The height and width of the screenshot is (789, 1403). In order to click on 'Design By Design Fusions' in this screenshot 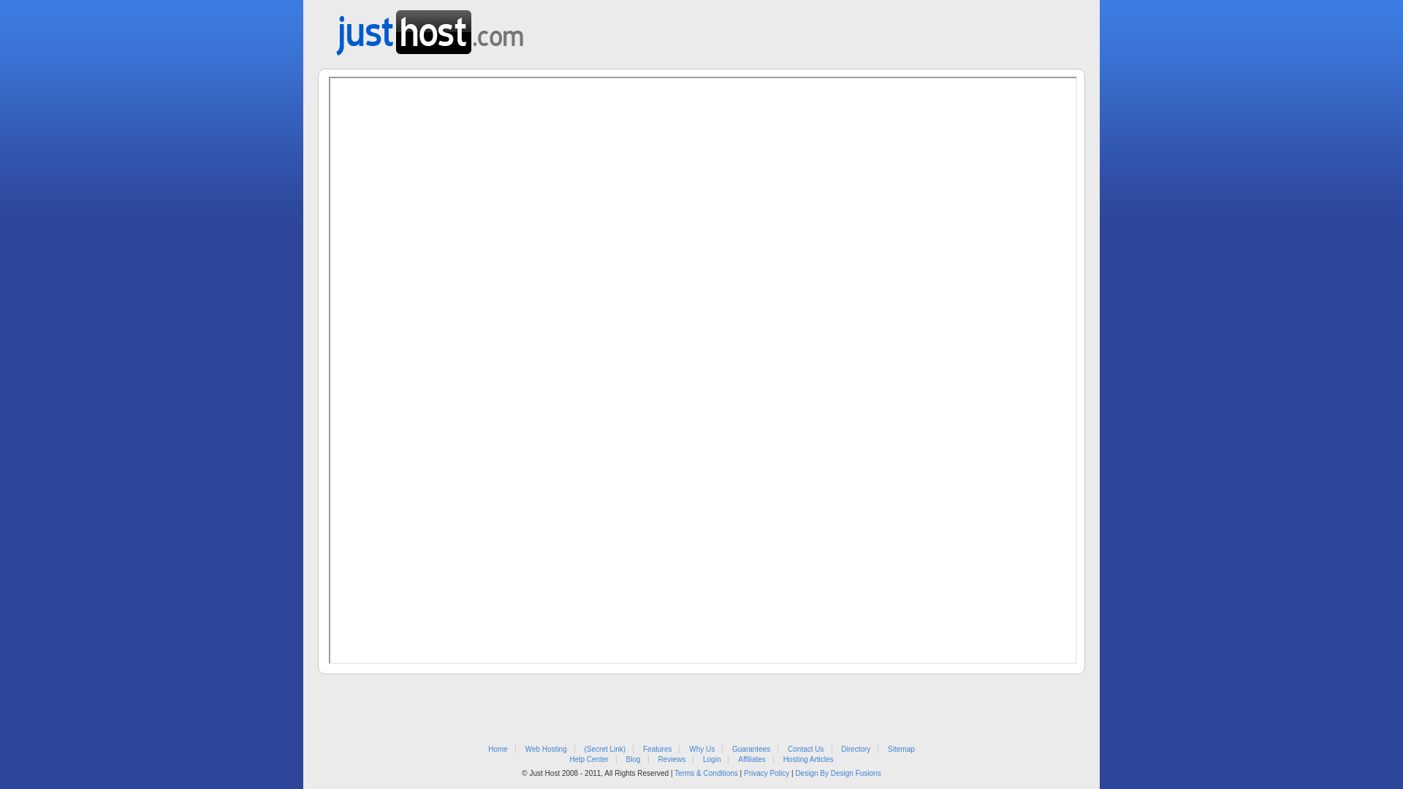, I will do `click(794, 772)`.